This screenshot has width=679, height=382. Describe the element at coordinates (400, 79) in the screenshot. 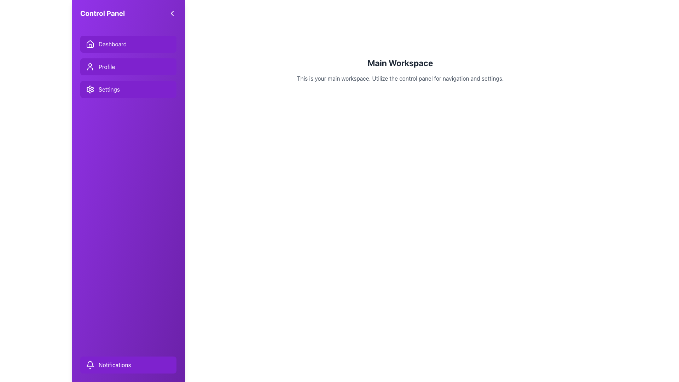

I see `the text block that reads 'This is your main workspace. Utilize the control panel for navigation and settings.' located directly below the heading 'Main Workspace.'` at that location.